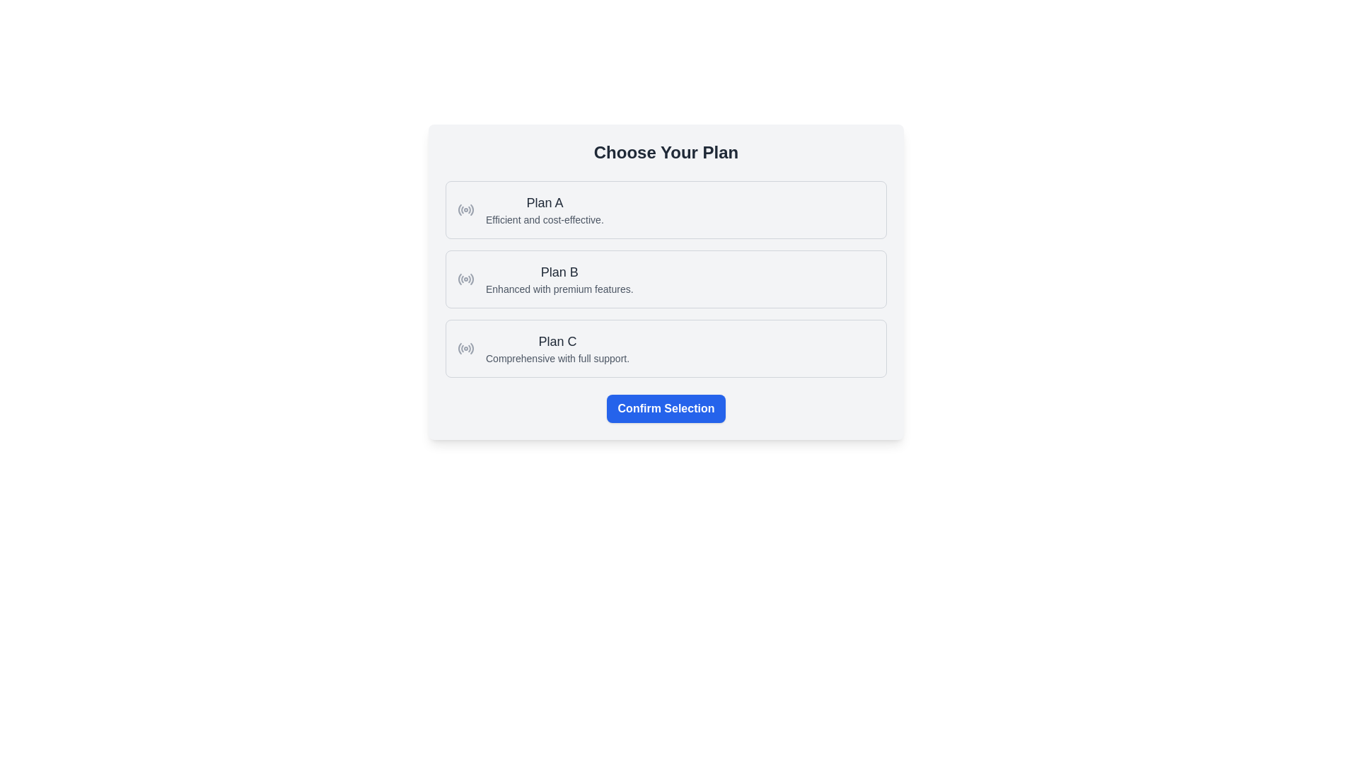 The width and height of the screenshot is (1358, 764). Describe the element at coordinates (665, 349) in the screenshot. I see `the 'Plan C' selectable option using the keyboard and select it by pressing Enter` at that location.